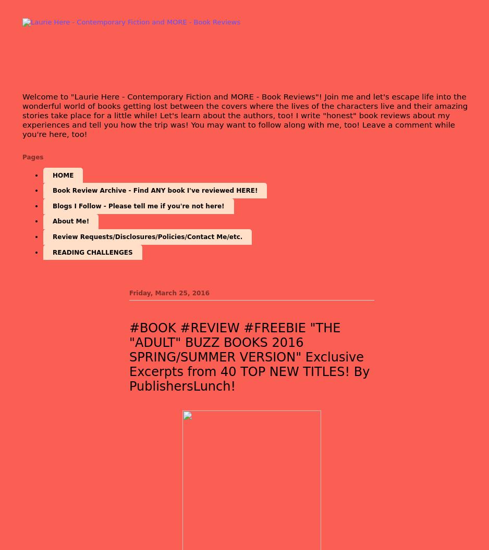 This screenshot has width=489, height=550. I want to click on 'Review Requests/Disclosures/Policies/Contact Me/etc.', so click(147, 237).